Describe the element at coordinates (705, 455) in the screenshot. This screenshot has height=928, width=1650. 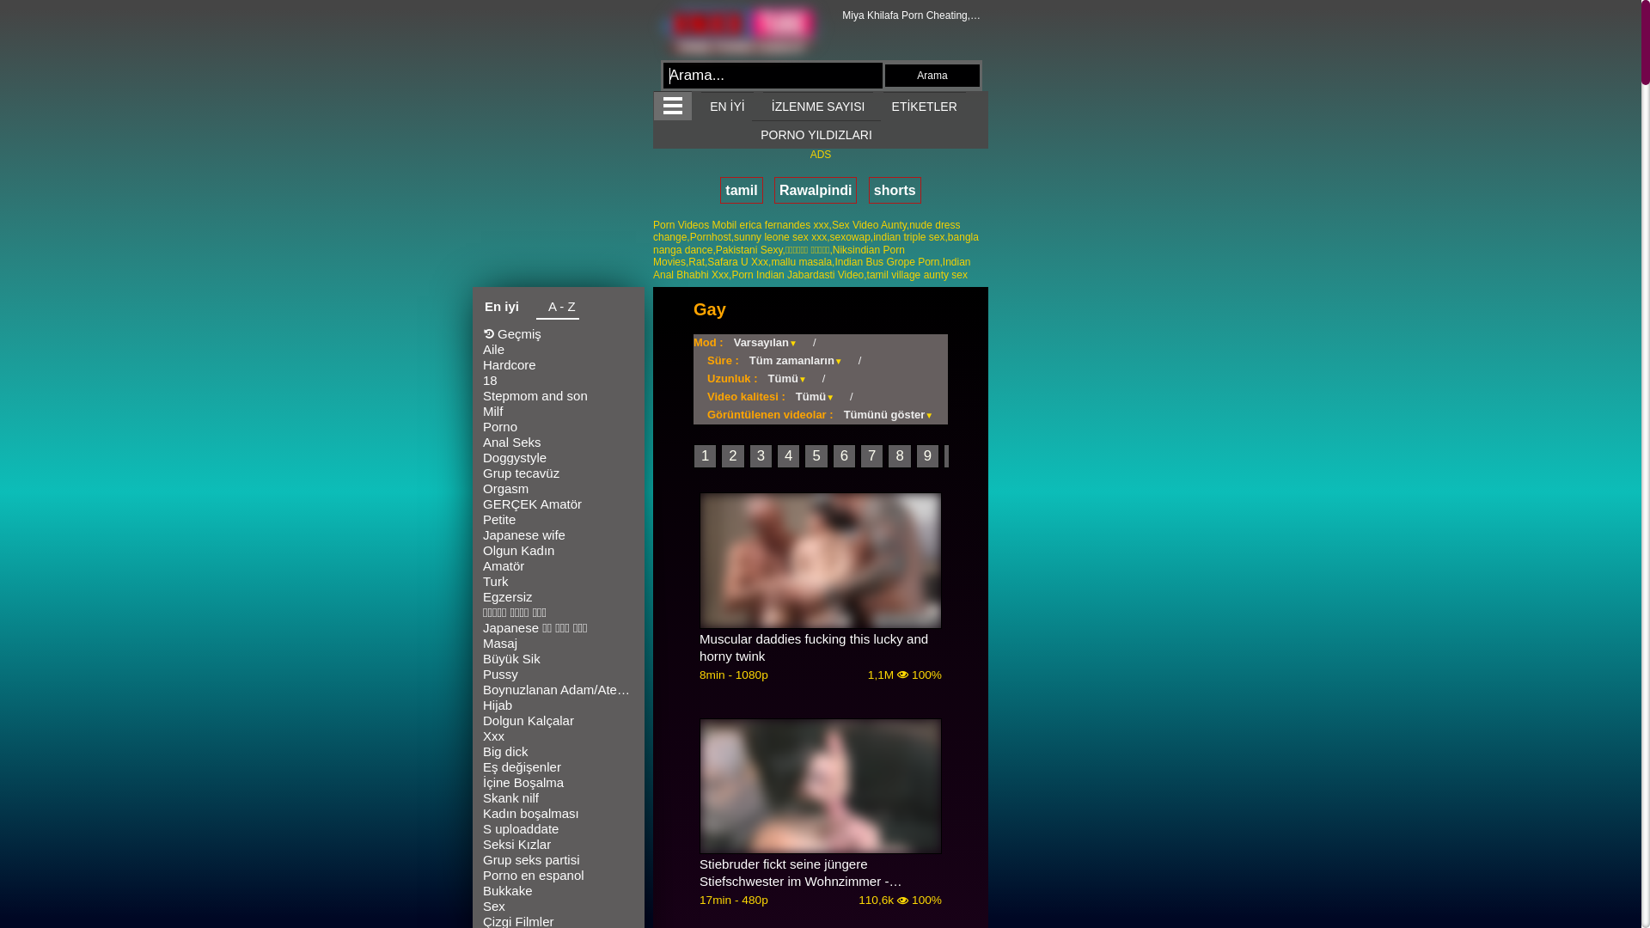
I see `'1'` at that location.